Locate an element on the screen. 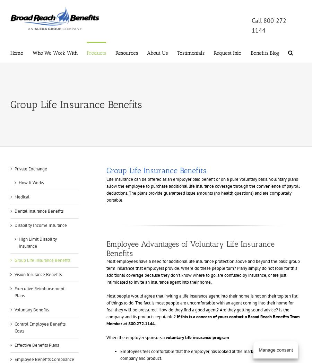  'When the employer sponsors a' is located at coordinates (106, 337).